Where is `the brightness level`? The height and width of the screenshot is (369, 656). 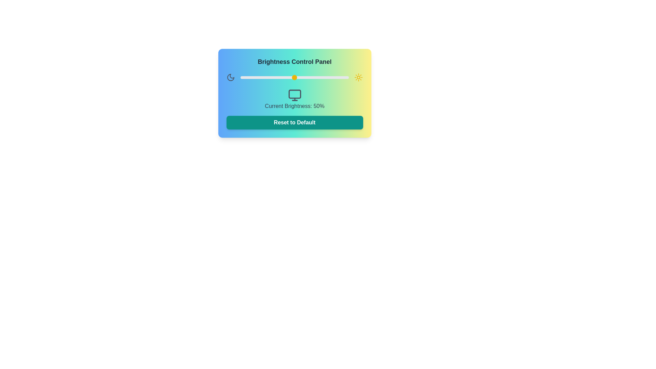 the brightness level is located at coordinates (265, 77).